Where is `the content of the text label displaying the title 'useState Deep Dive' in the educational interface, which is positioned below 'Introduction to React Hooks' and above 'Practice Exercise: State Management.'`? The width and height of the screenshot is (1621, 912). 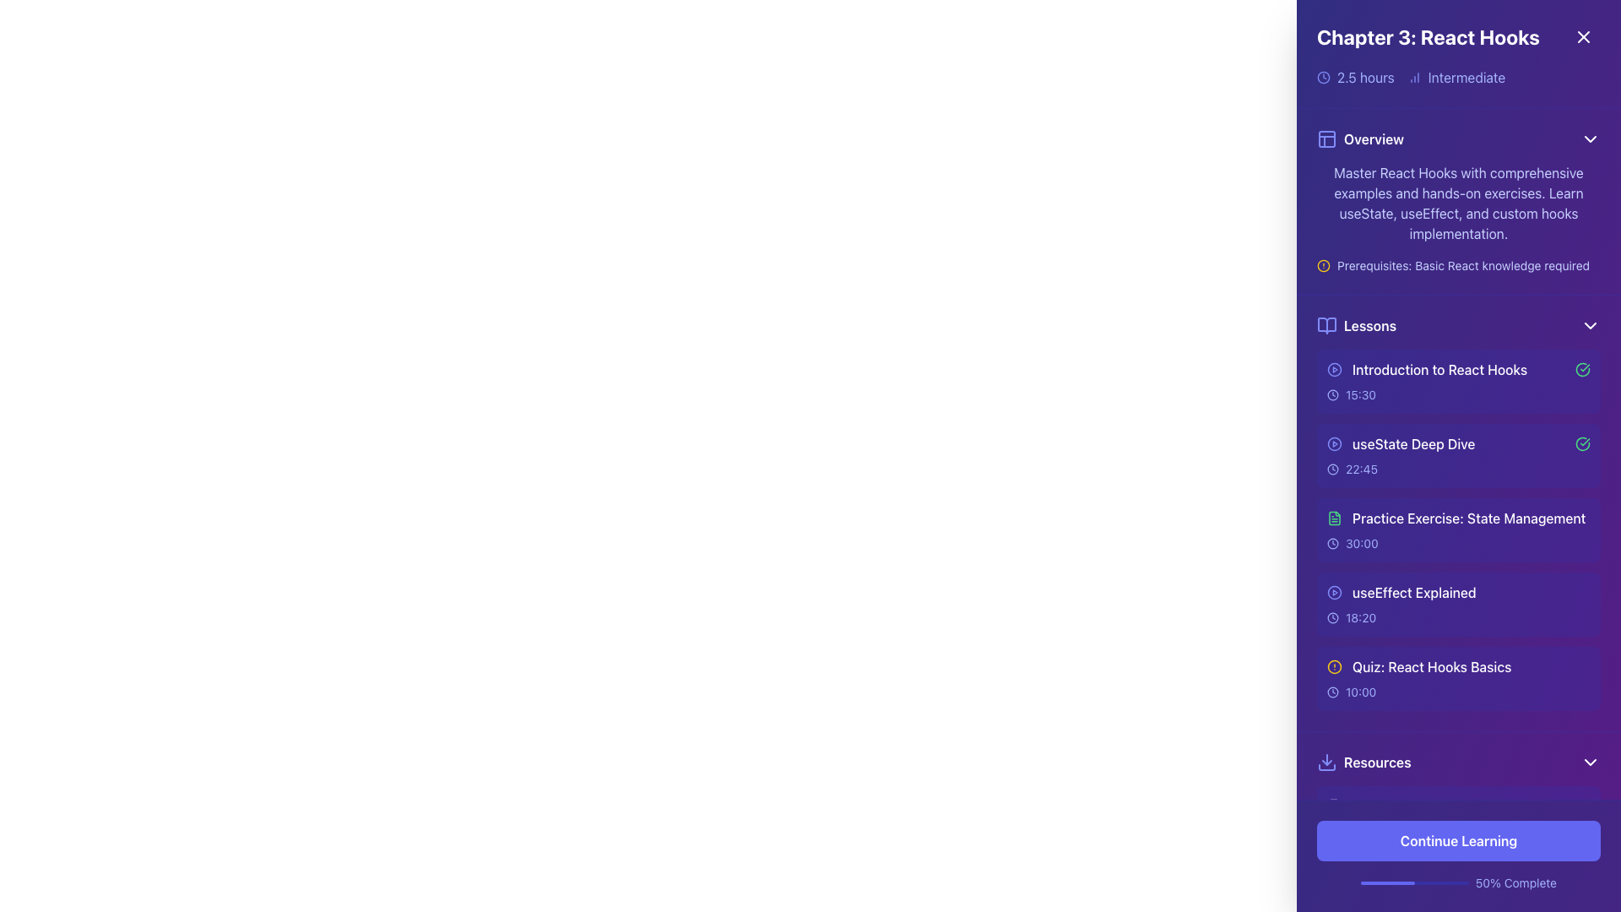
the content of the text label displaying the title 'useState Deep Dive' in the educational interface, which is positioned below 'Introduction to React Hooks' and above 'Practice Exercise: State Management.' is located at coordinates (1413, 442).